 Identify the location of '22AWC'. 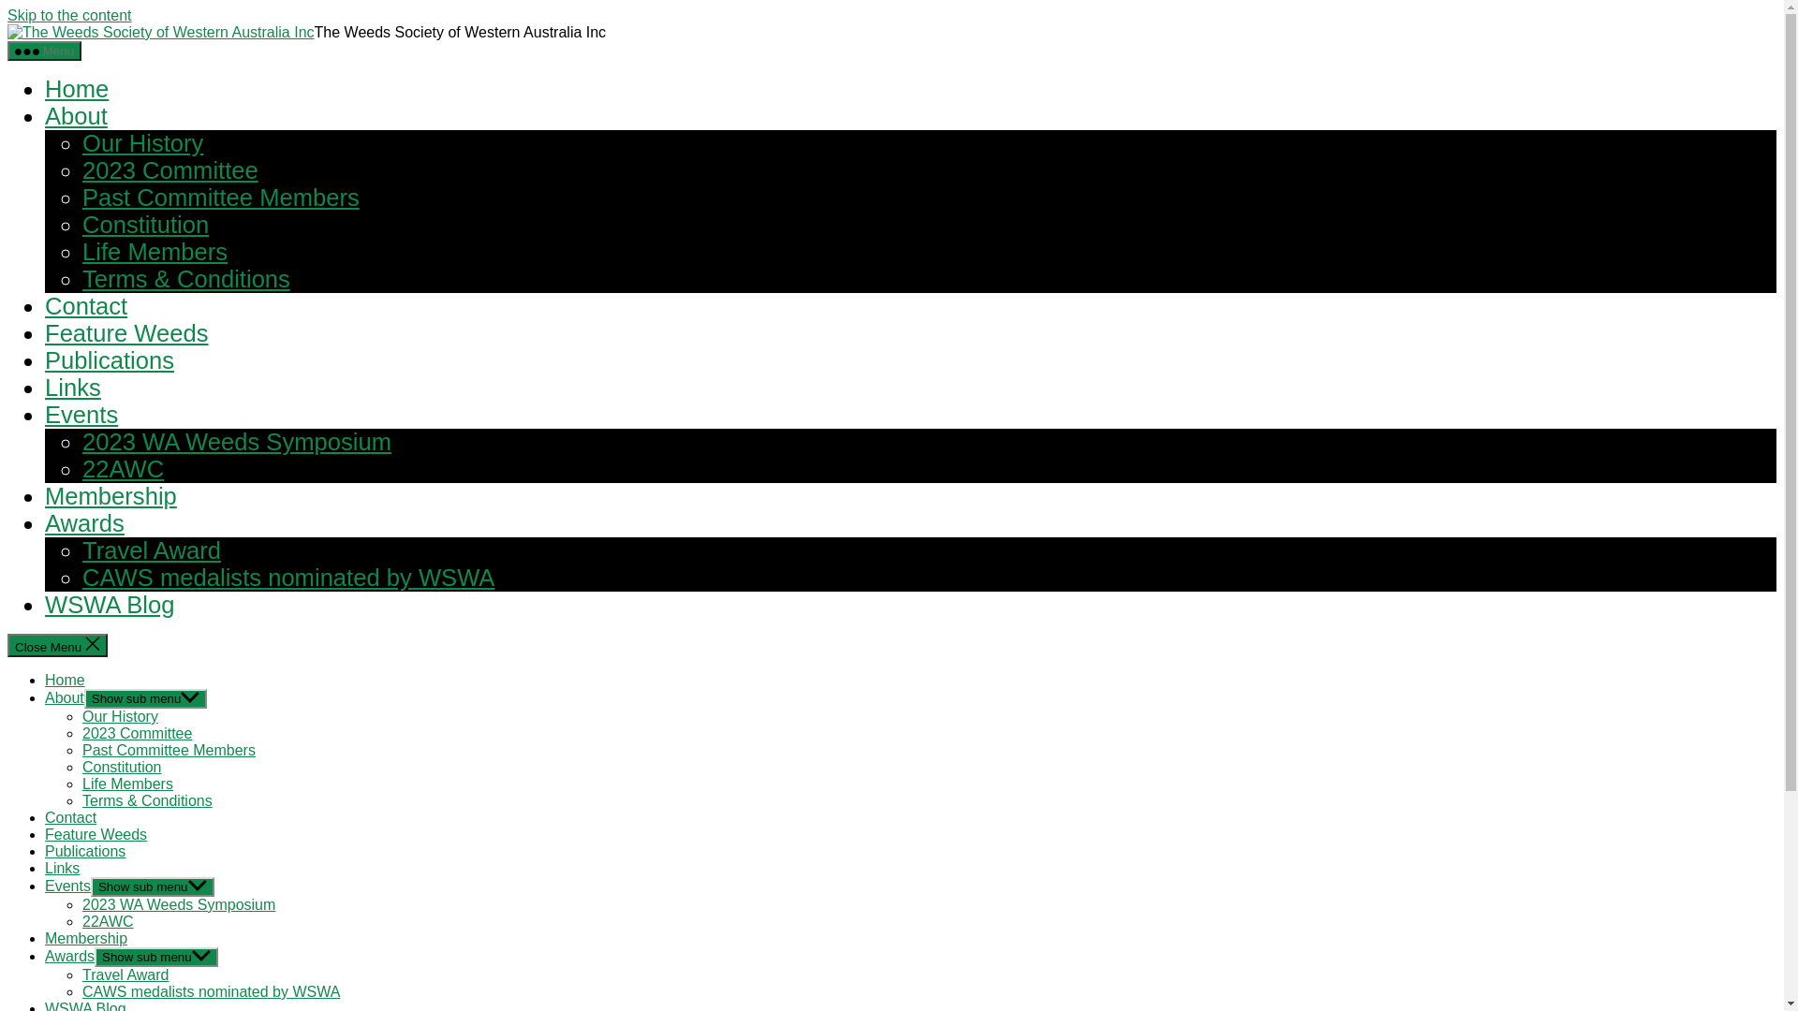
(81, 468).